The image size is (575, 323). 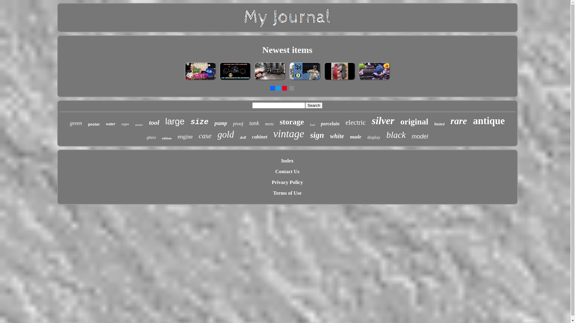 I want to click on 'cabinet', so click(x=260, y=137).